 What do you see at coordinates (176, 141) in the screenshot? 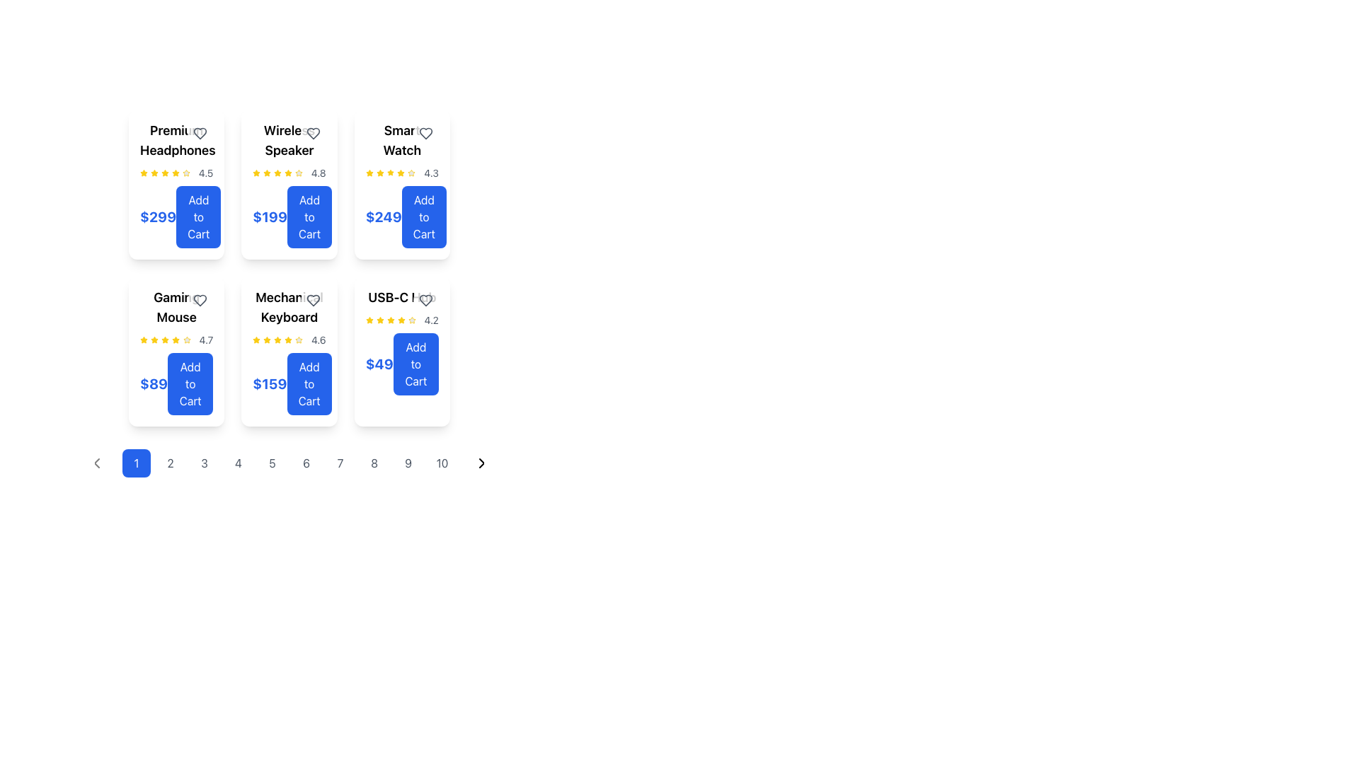
I see `the product title text located at the top of the first card in the upper left corner of the product grid` at bounding box center [176, 141].